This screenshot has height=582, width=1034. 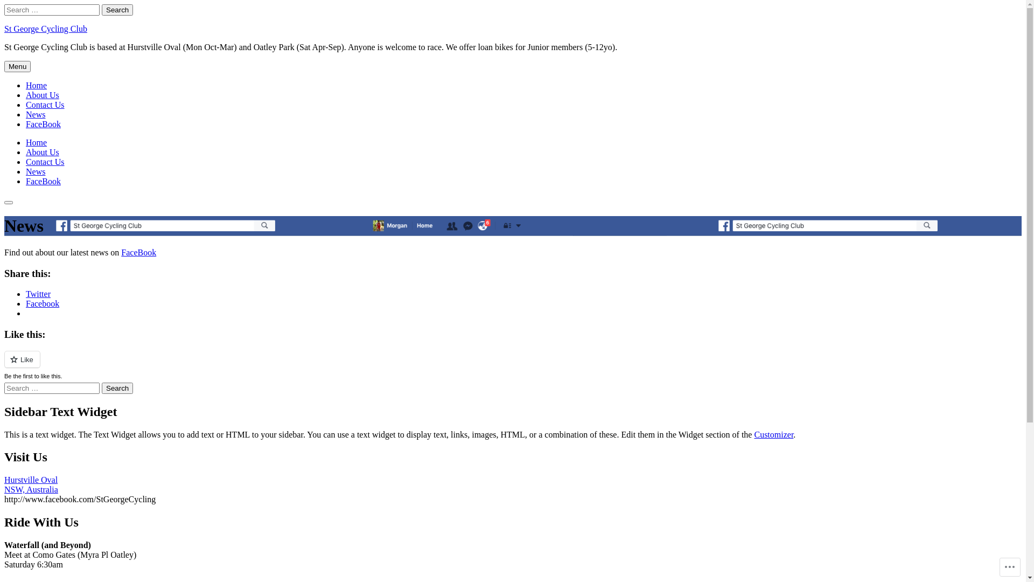 What do you see at coordinates (26, 294) in the screenshot?
I see `'Twitter'` at bounding box center [26, 294].